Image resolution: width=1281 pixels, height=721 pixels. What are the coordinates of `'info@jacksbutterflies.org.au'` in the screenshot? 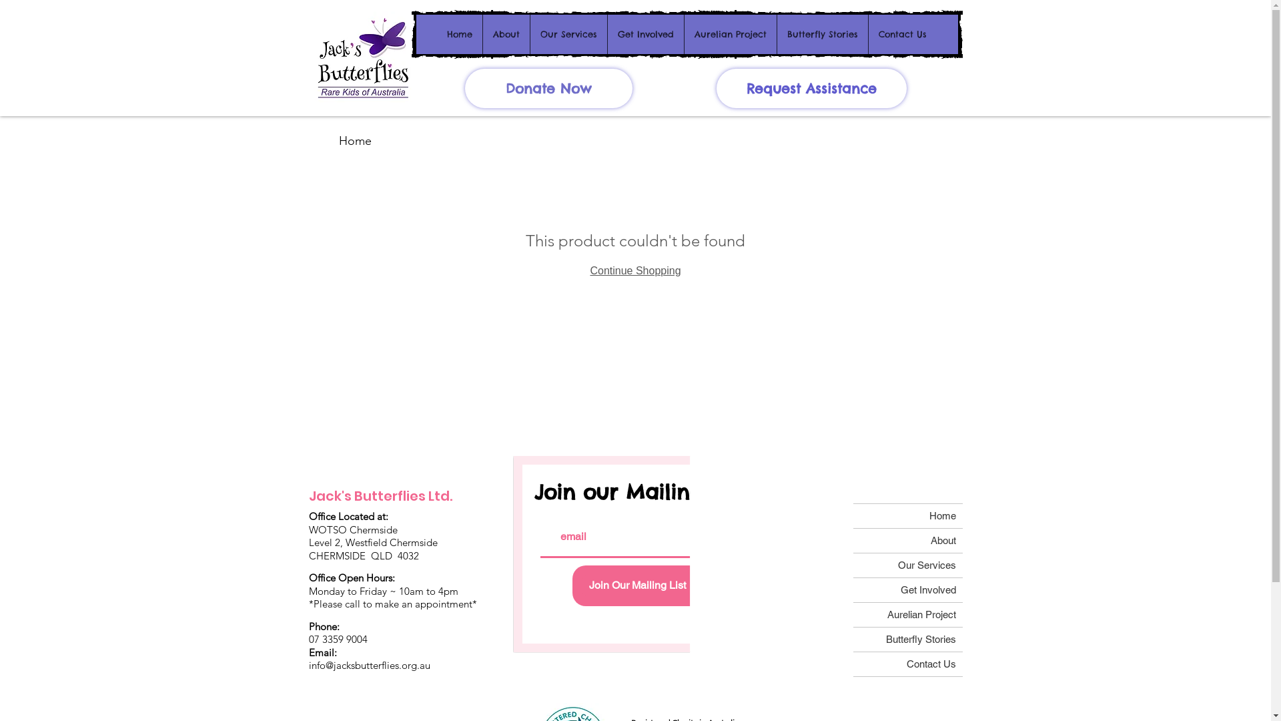 It's located at (368, 665).